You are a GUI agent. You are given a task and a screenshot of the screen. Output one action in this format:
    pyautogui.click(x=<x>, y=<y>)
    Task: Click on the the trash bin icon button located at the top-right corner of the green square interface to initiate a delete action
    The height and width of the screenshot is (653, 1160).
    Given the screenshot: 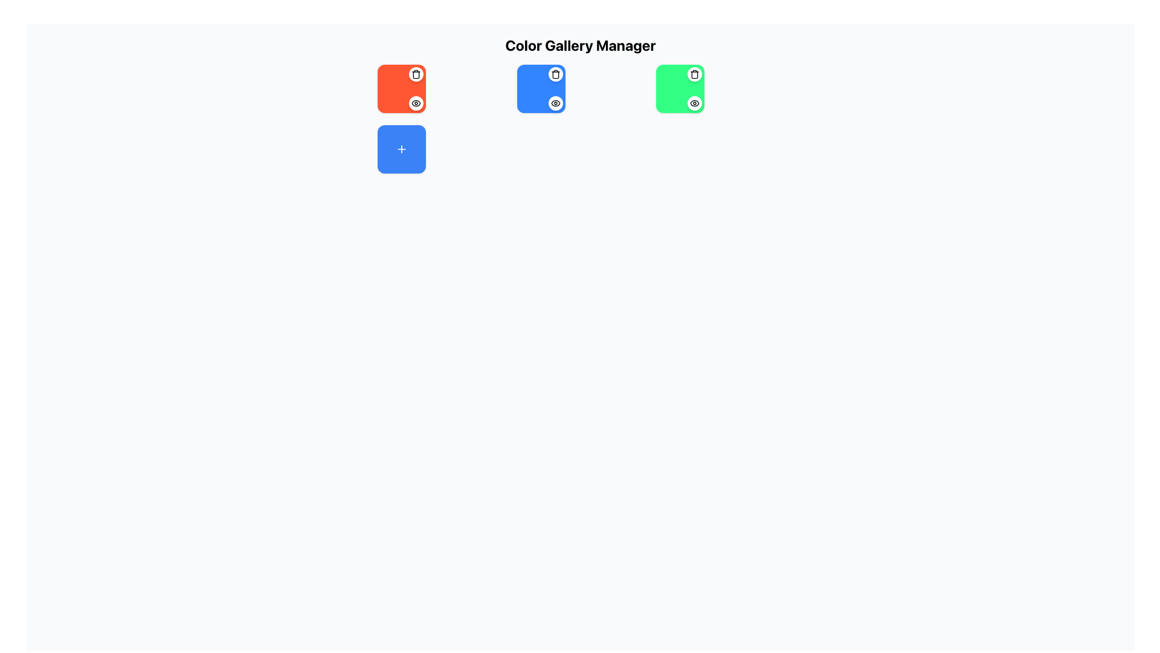 What is the action you would take?
    pyautogui.click(x=695, y=74)
    